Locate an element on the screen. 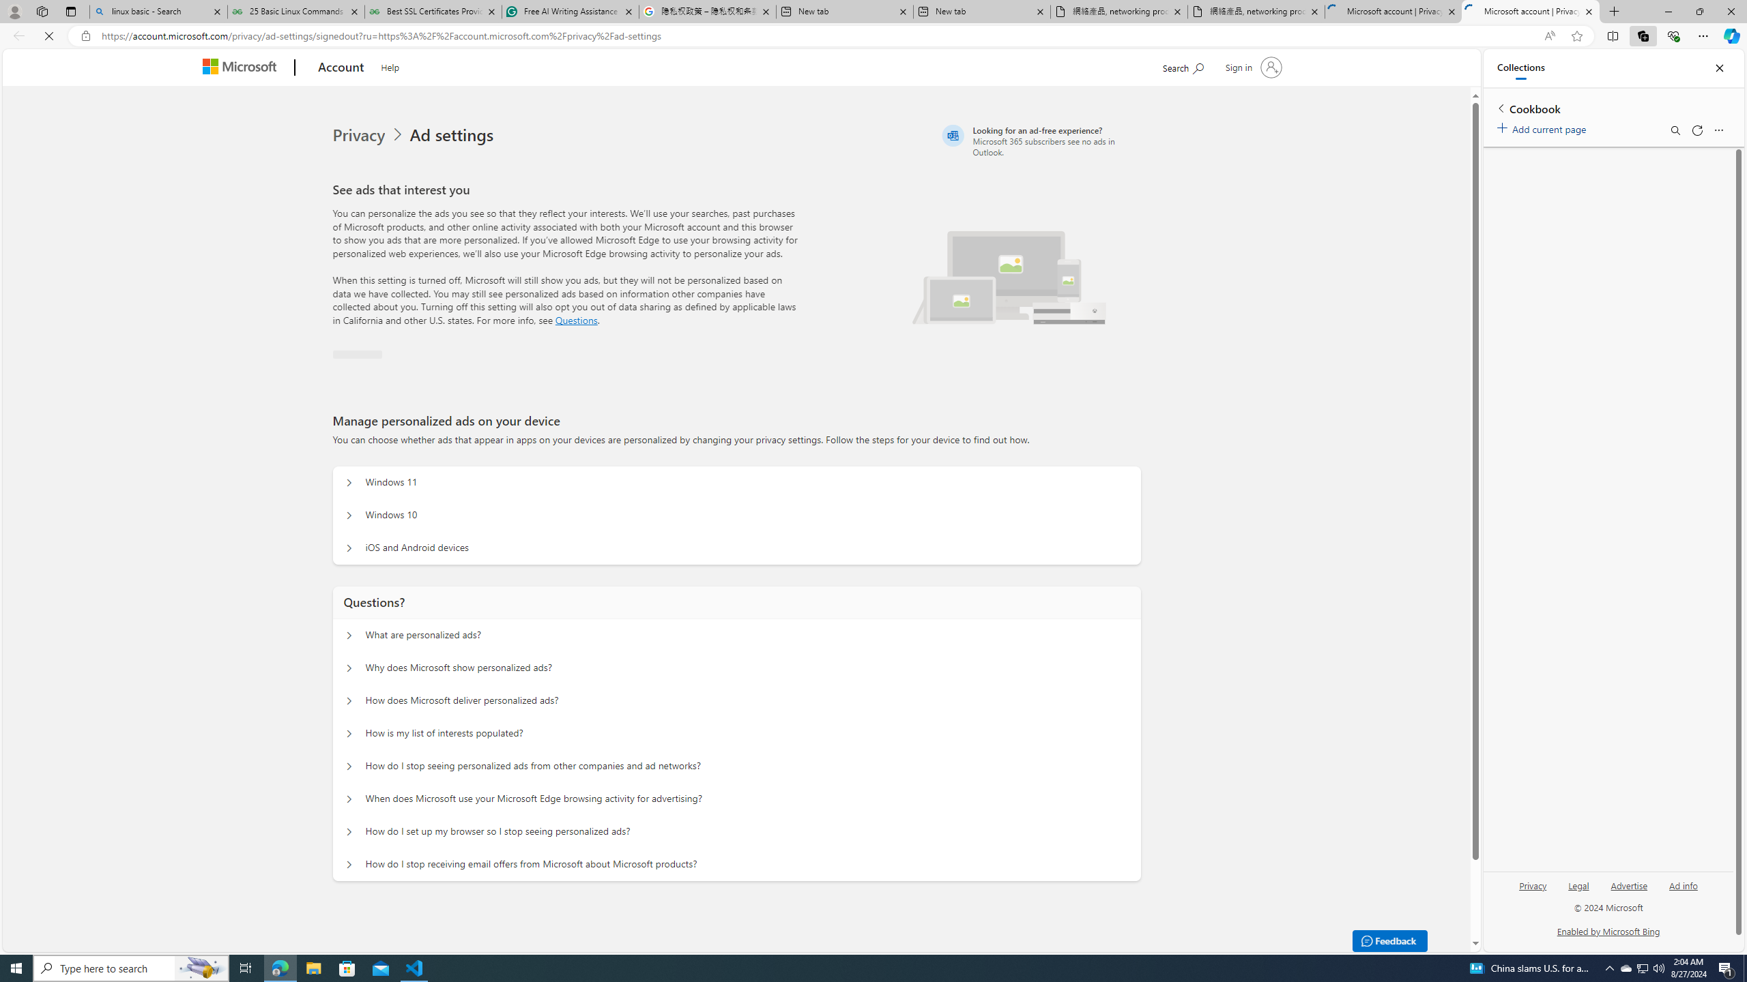 This screenshot has height=982, width=1747. 'Account' is located at coordinates (340, 68).